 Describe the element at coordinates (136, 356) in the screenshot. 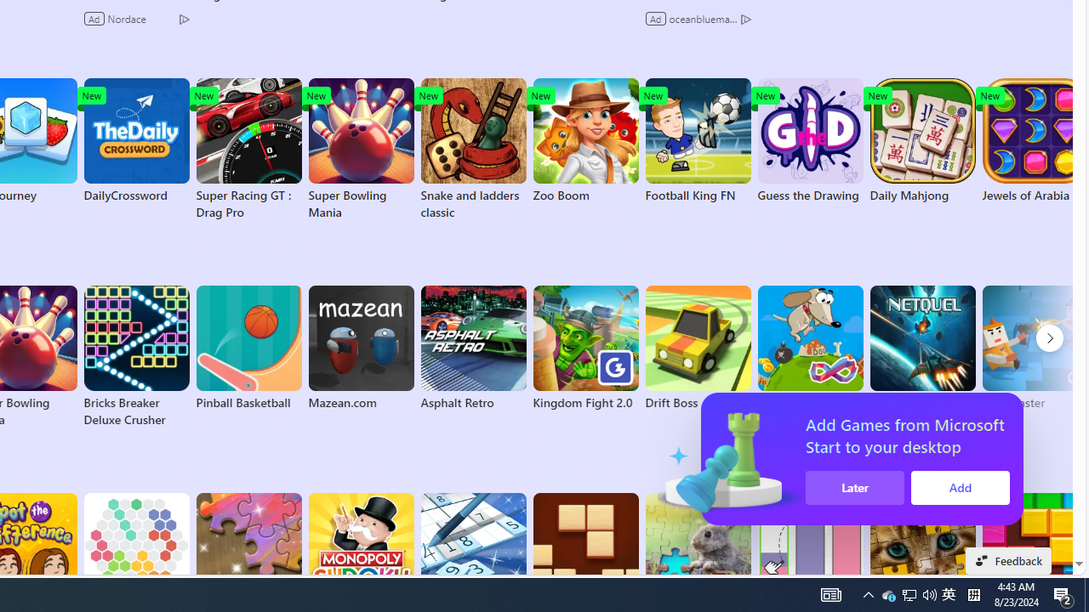

I see `'Bricks Breaker Deluxe Crusher'` at that location.